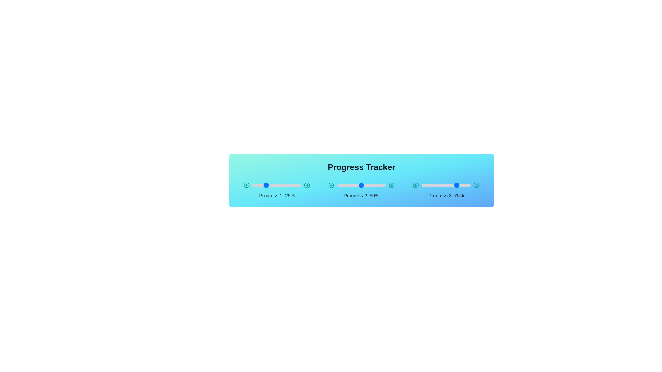  I want to click on the right arrow of the slider for Progress 3, so click(476, 185).